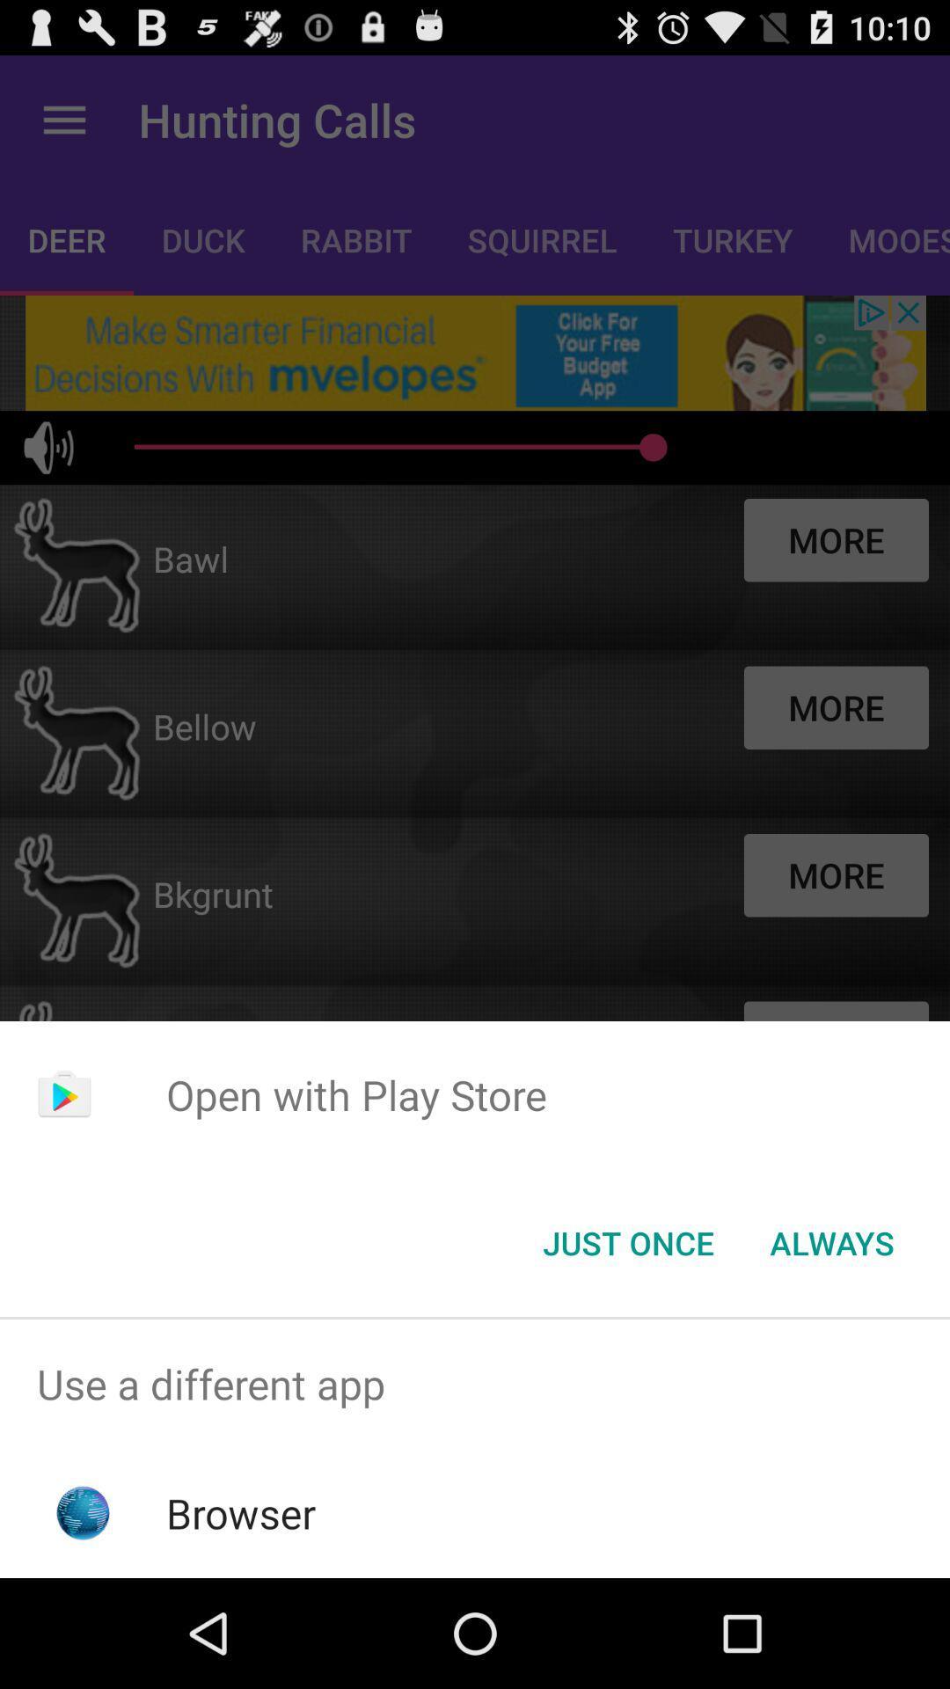 Image resolution: width=950 pixels, height=1689 pixels. I want to click on the icon at the bottom right corner, so click(831, 1241).